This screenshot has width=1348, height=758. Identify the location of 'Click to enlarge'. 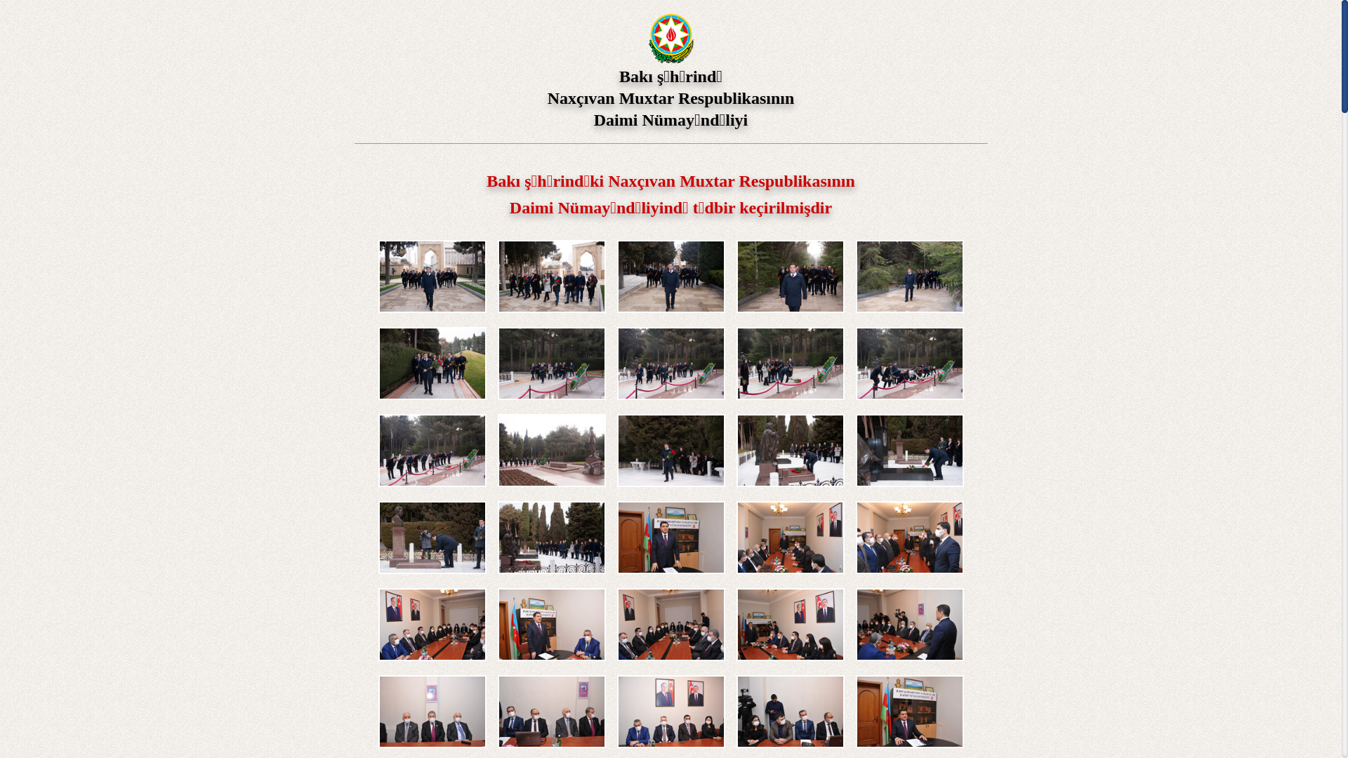
(854, 537).